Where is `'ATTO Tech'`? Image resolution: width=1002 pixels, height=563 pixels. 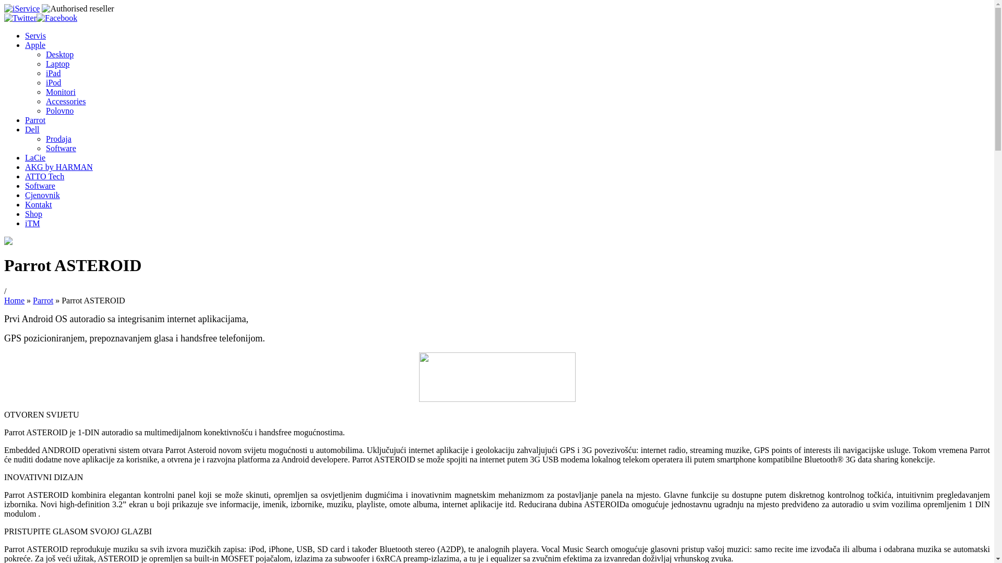
'ATTO Tech' is located at coordinates (25, 176).